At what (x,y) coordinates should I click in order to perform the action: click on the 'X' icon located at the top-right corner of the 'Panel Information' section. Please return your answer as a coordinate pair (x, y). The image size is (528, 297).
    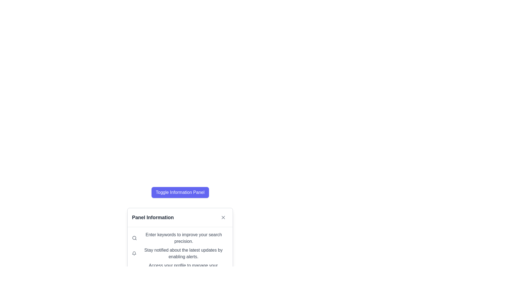
    Looking at the image, I should click on (223, 217).